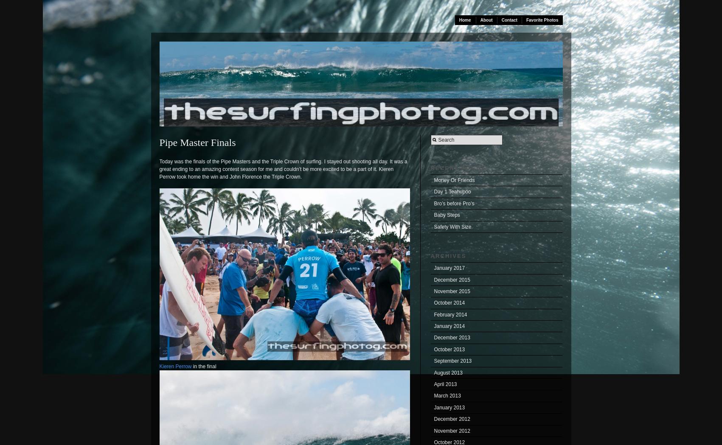  What do you see at coordinates (452, 337) in the screenshot?
I see `'December 2013'` at bounding box center [452, 337].